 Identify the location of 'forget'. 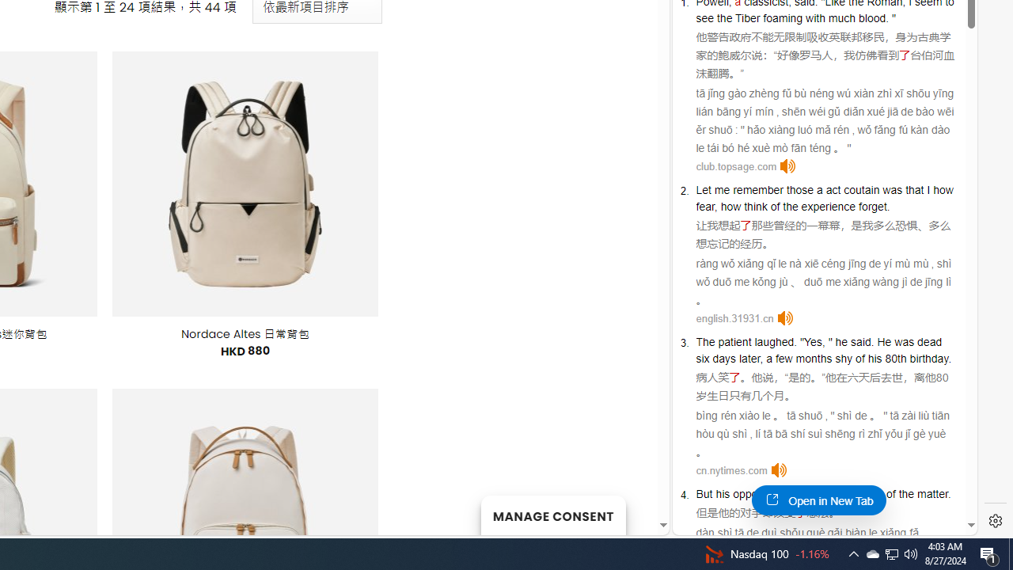
(872, 206).